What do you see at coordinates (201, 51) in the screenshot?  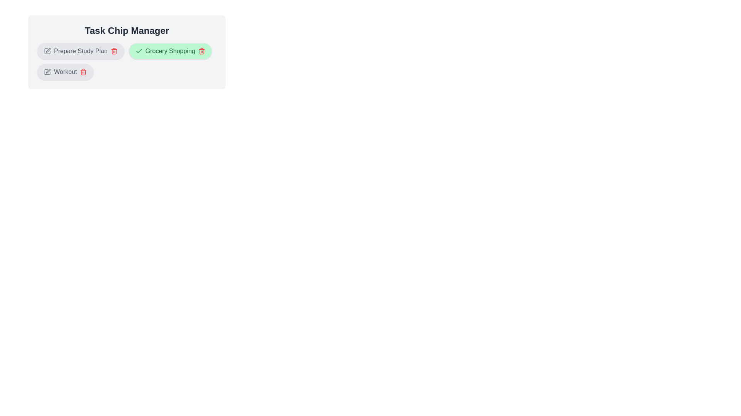 I see `the delete icon button located to the right of the 'Grocery Shopping' task chip` at bounding box center [201, 51].